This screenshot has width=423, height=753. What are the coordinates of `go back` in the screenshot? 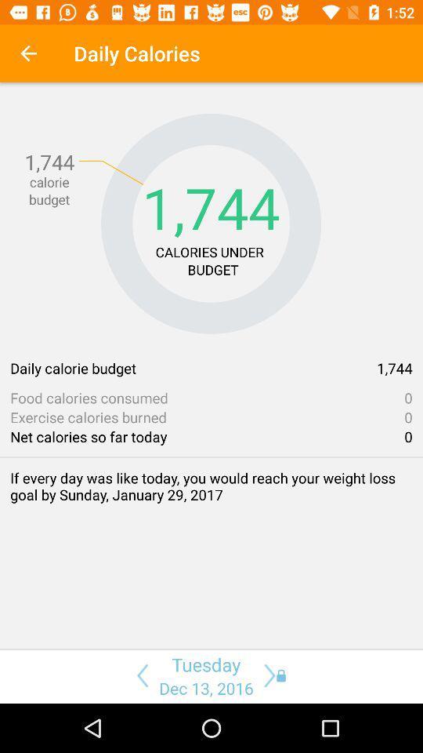 It's located at (139, 675).